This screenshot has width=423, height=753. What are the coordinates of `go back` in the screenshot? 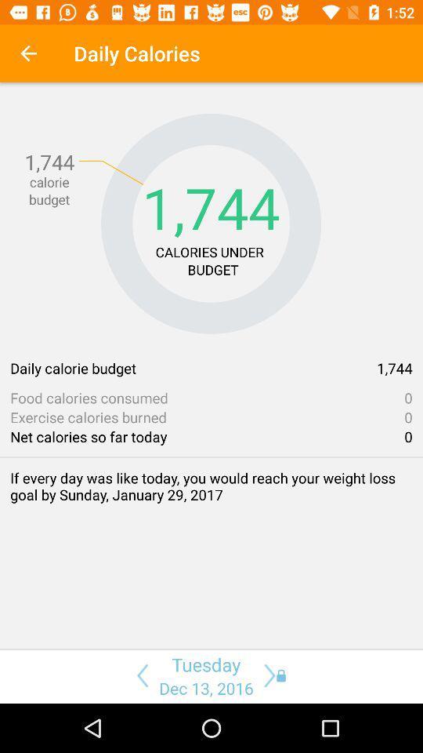 It's located at (139, 675).